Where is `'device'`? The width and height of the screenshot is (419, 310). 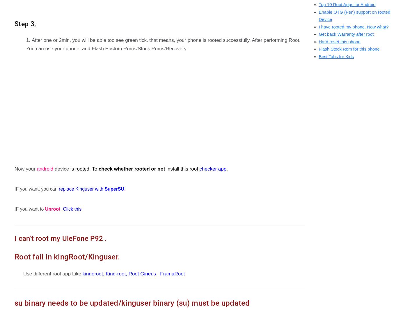
'device' is located at coordinates (61, 169).